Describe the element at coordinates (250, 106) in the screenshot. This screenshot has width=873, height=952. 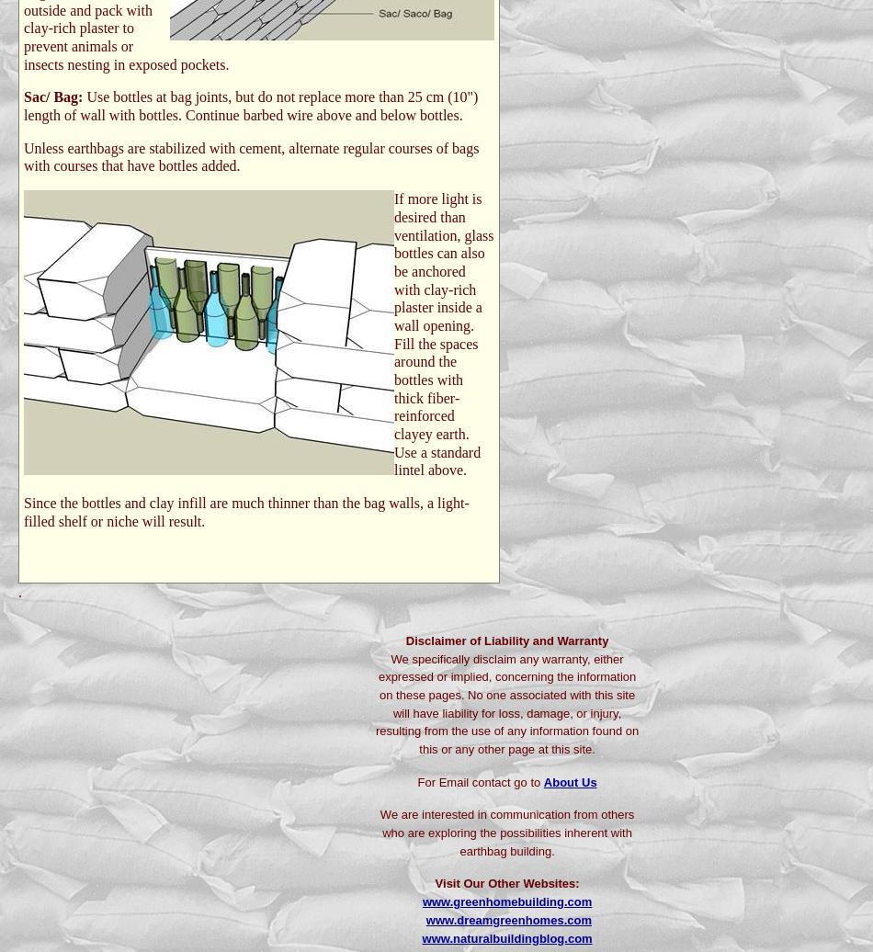
I see `'Use bottles at bag joints, but do not replace more than 25 cm (10") length of wall with bottles. Continue barbed wire above and below bottles.'` at that location.